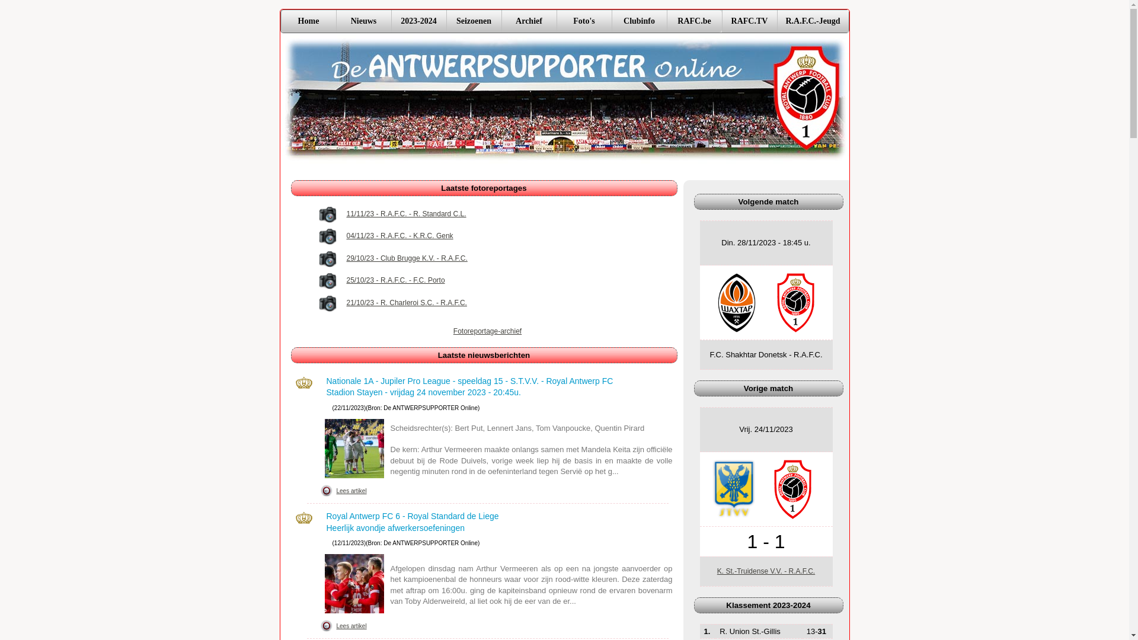 The width and height of the screenshot is (1138, 640). I want to click on '21/10/23 - R. Charleroi S.C. - R.A.F.C.', so click(407, 302).